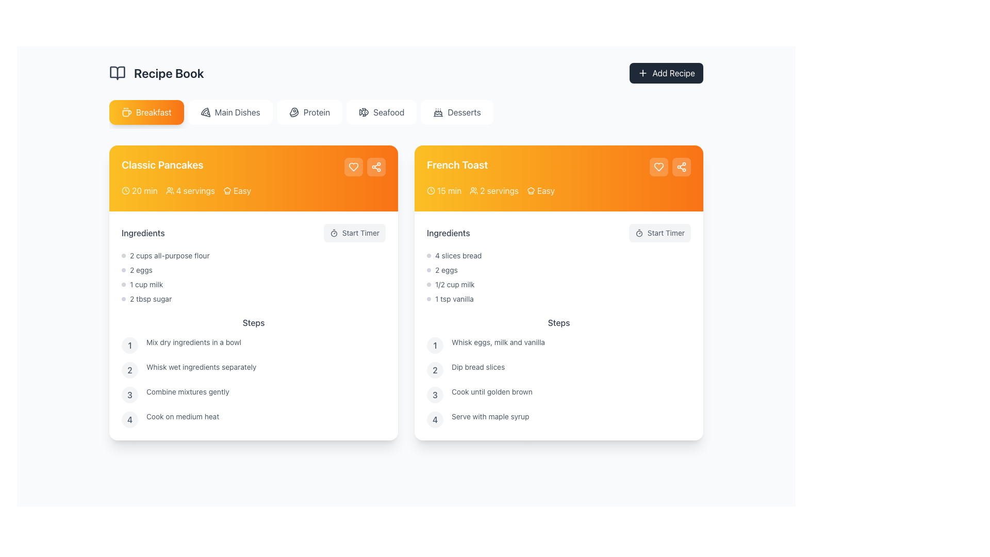 This screenshot has height=557, width=990. What do you see at coordinates (354, 233) in the screenshot?
I see `the button` at bounding box center [354, 233].